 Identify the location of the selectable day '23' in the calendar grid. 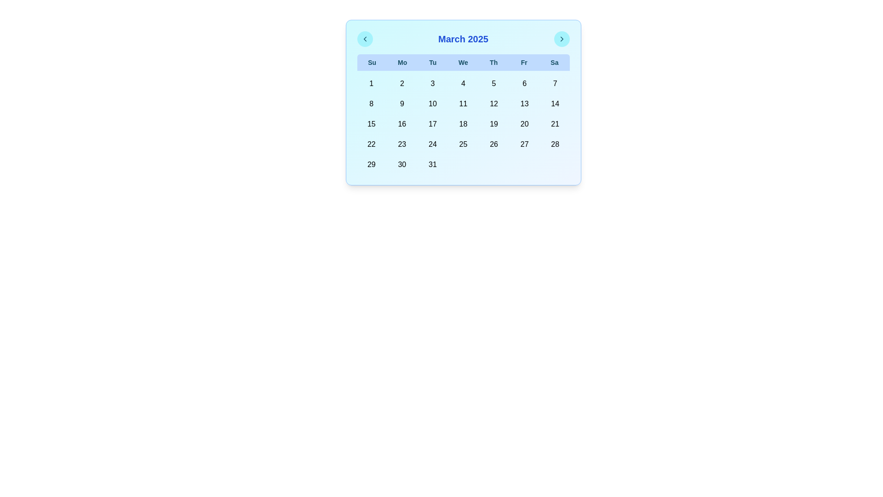
(402, 144).